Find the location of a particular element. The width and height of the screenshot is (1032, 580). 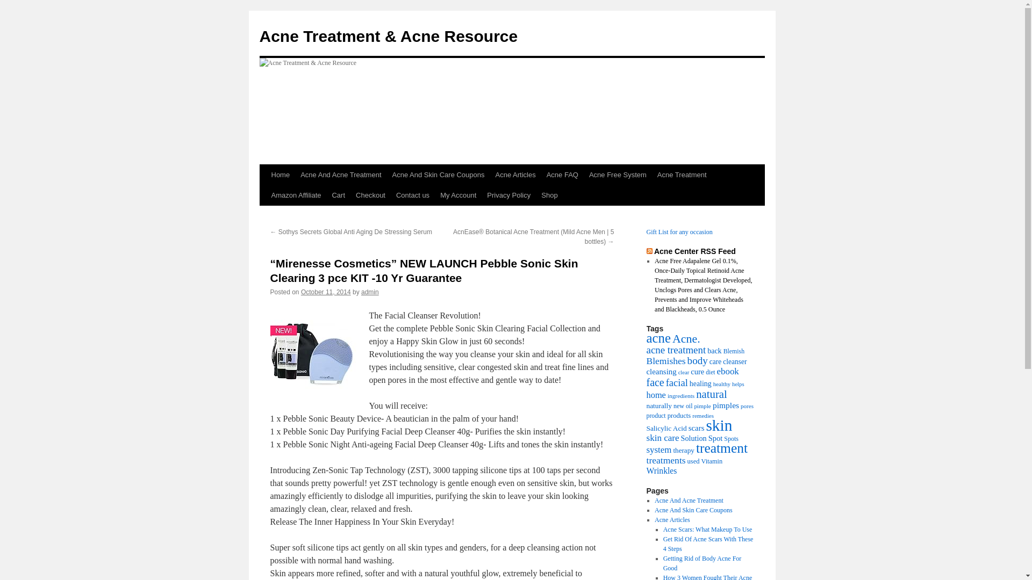

'Getting Rid of Body Acne For Good' is located at coordinates (662, 563).